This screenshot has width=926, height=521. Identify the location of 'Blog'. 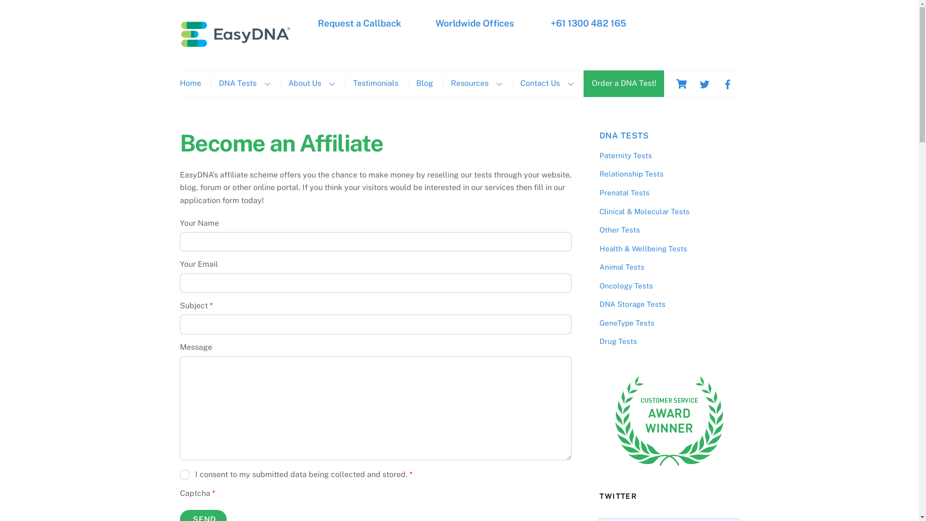
(424, 83).